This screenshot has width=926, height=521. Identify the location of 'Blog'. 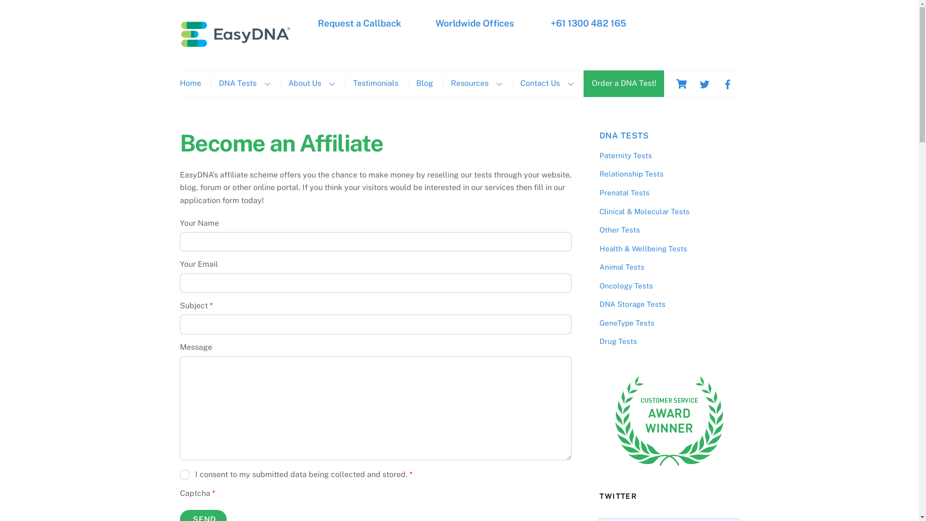
(424, 83).